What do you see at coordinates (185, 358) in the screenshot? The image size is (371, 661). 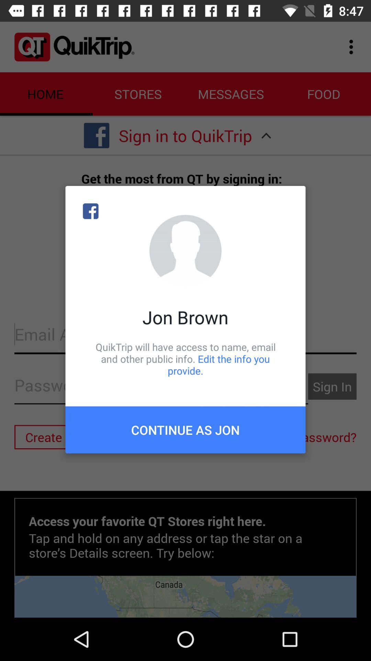 I see `quiktrip will have item` at bounding box center [185, 358].